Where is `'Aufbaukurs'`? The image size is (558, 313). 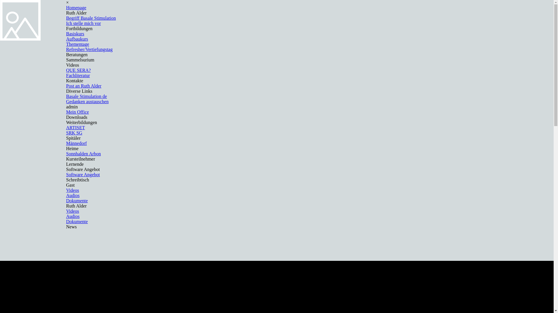
'Aufbaukurs' is located at coordinates (77, 39).